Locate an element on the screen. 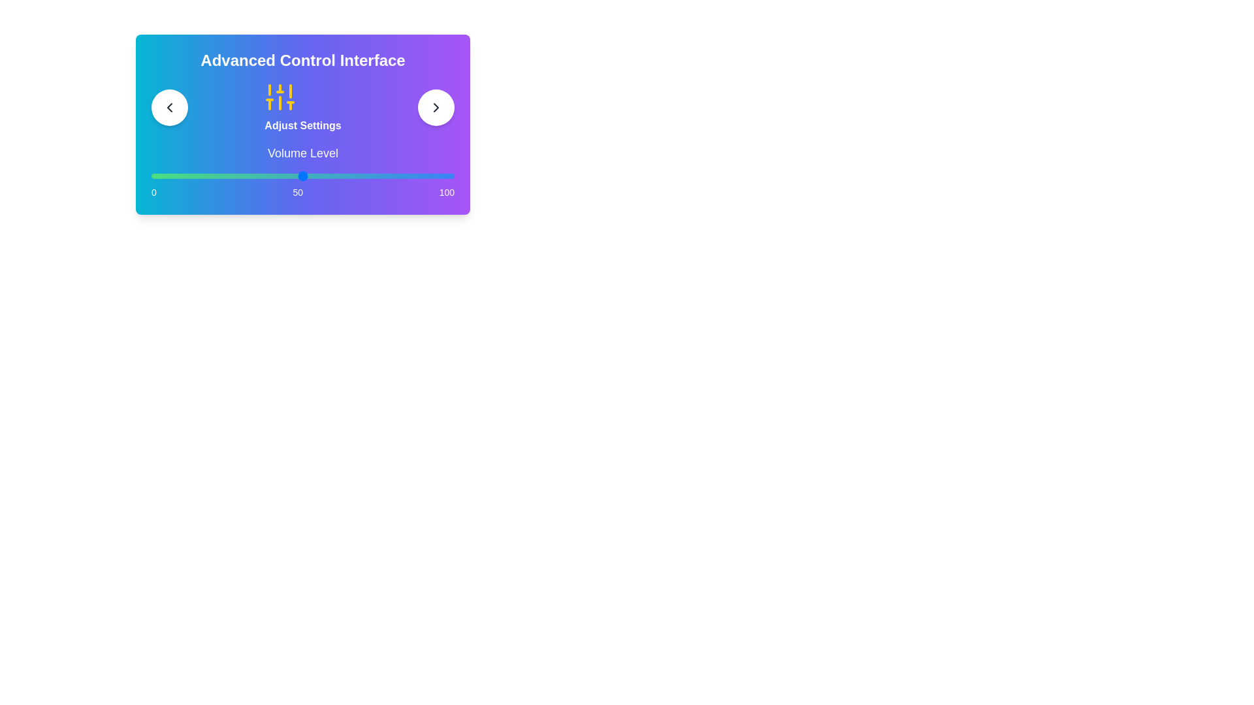 The height and width of the screenshot is (705, 1254). left navigation button is located at coordinates (169, 107).